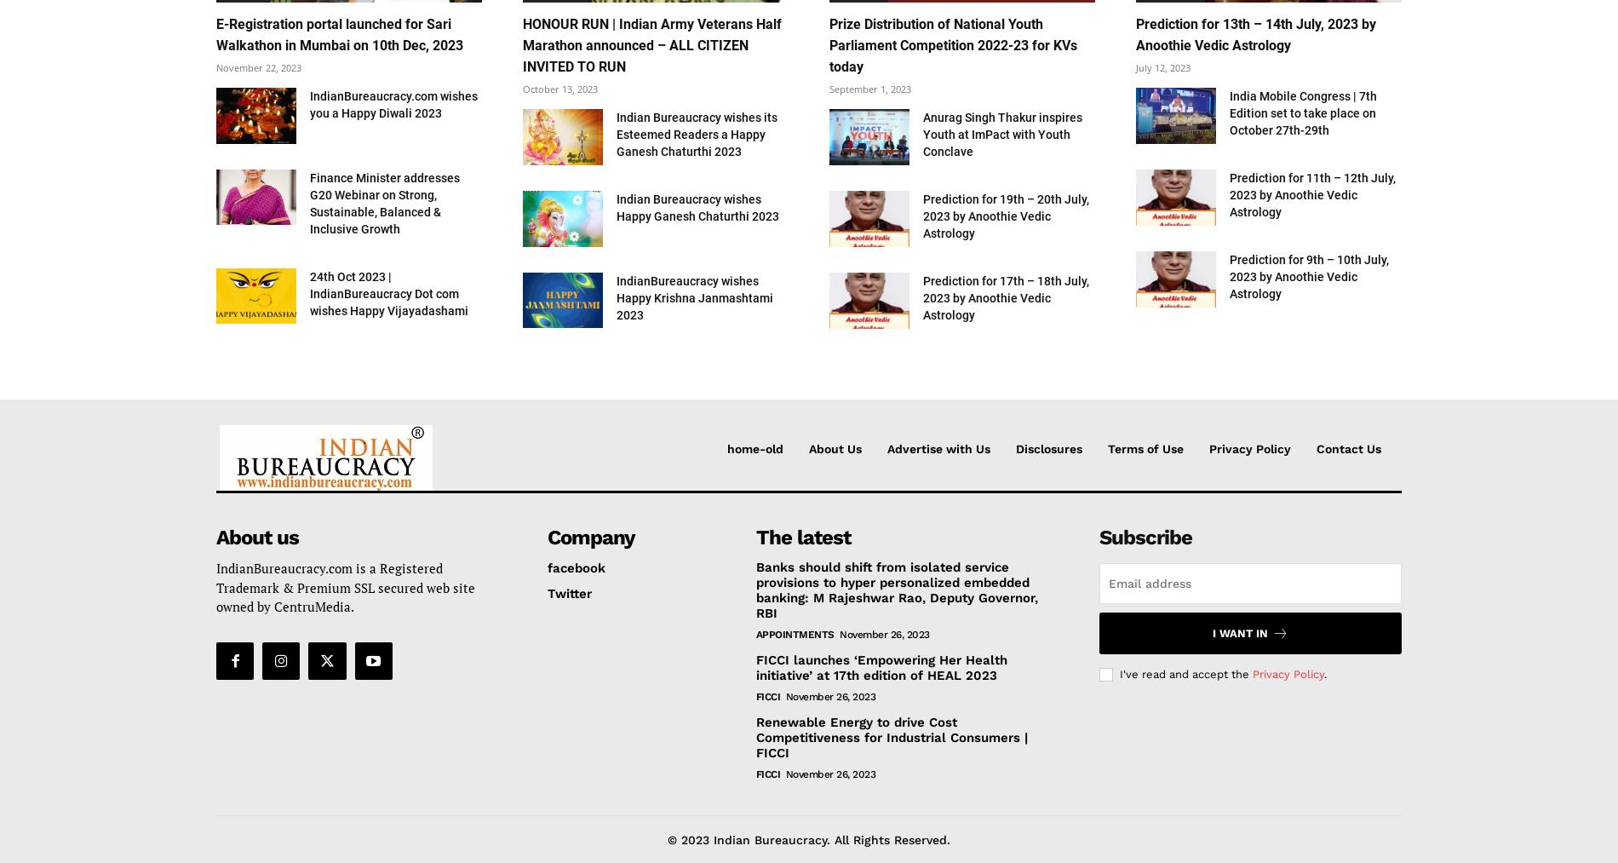  What do you see at coordinates (881, 667) in the screenshot?
I see `'FICCI launches ‘Empowering Her Health initiative’ at 17th edition of HEAL 2023'` at bounding box center [881, 667].